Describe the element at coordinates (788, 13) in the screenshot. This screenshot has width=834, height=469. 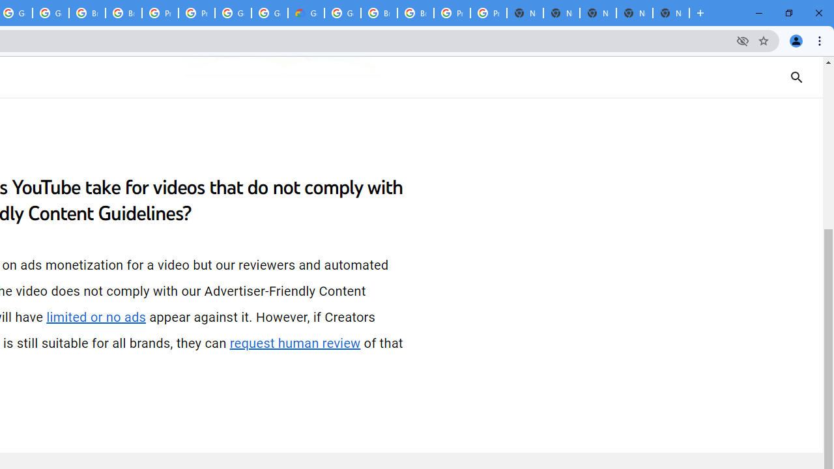
I see `'Restore'` at that location.